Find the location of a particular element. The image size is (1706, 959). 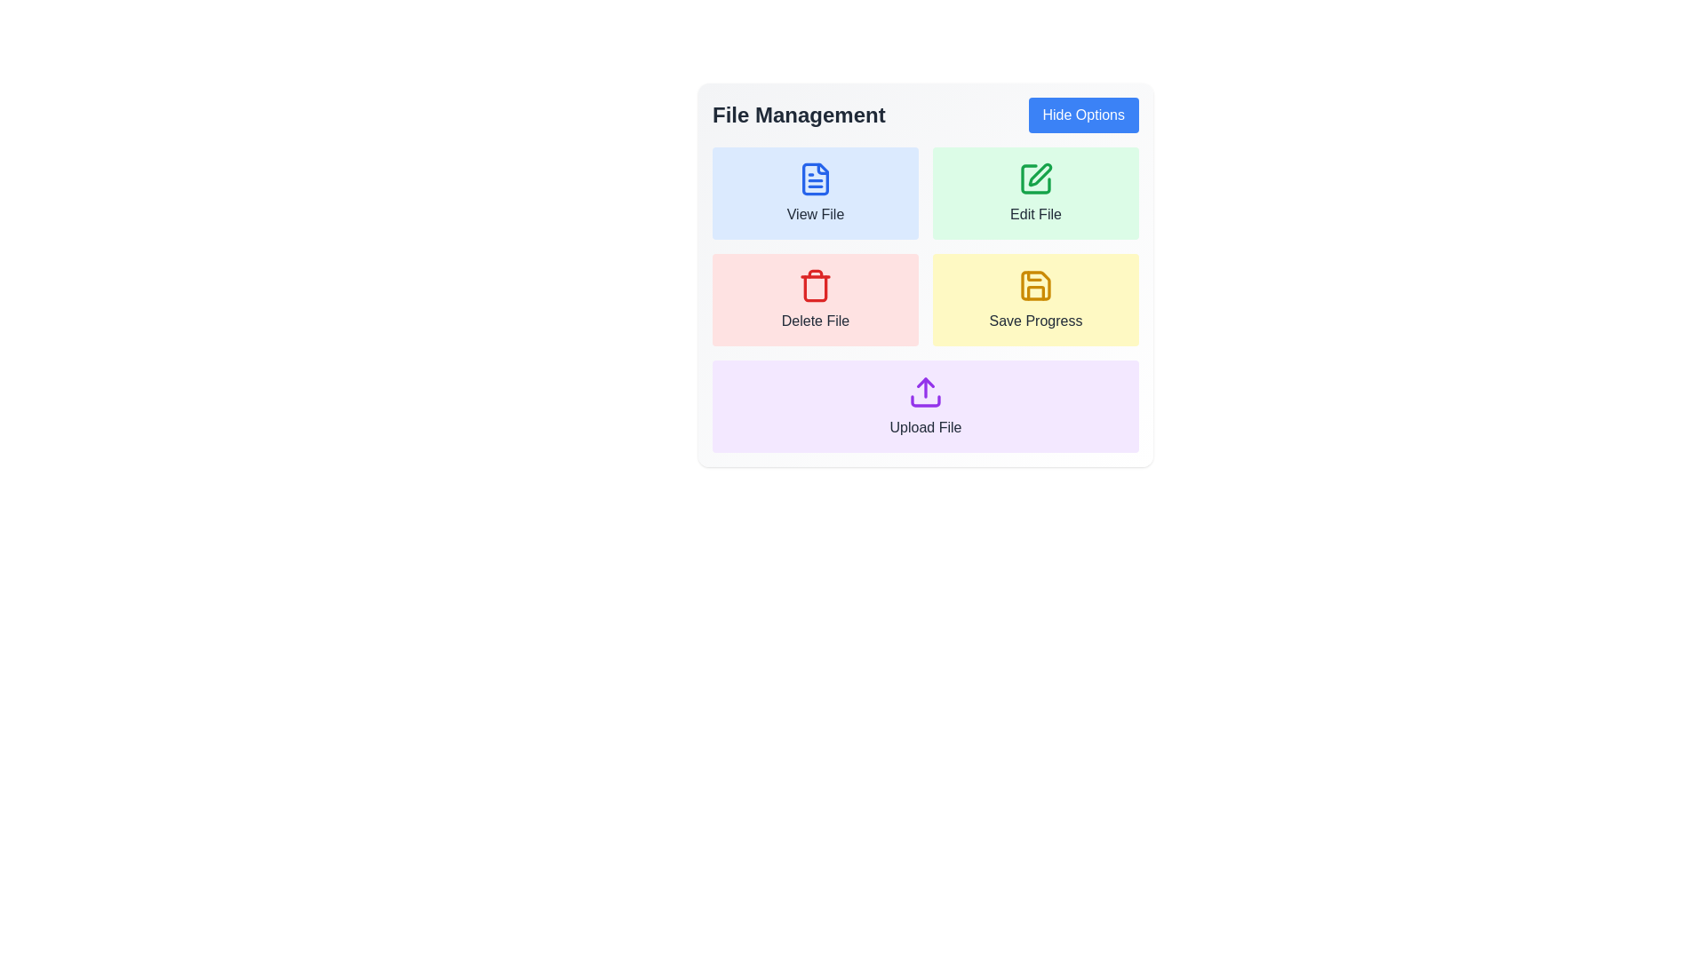

the yellow-orange save icon within the 'Save Progress' button is located at coordinates (1036, 284).